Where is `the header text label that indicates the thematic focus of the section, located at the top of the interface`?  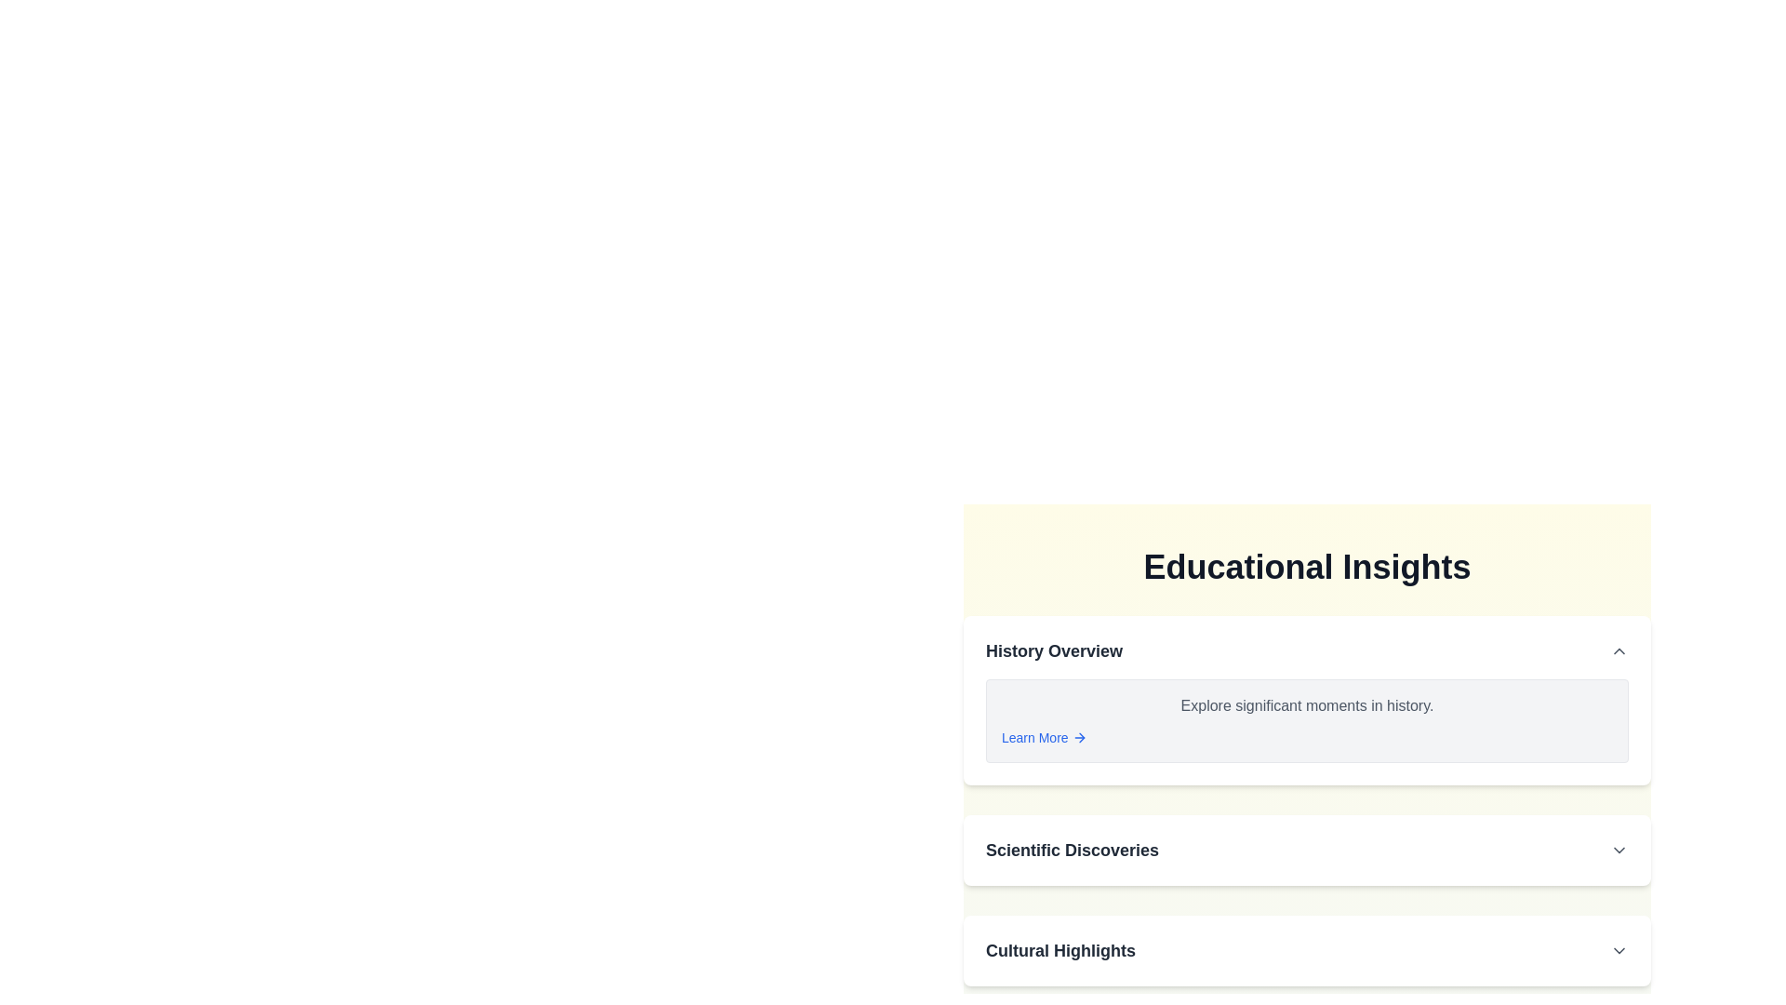 the header text label that indicates the thematic focus of the section, located at the top of the interface is located at coordinates (1306, 566).